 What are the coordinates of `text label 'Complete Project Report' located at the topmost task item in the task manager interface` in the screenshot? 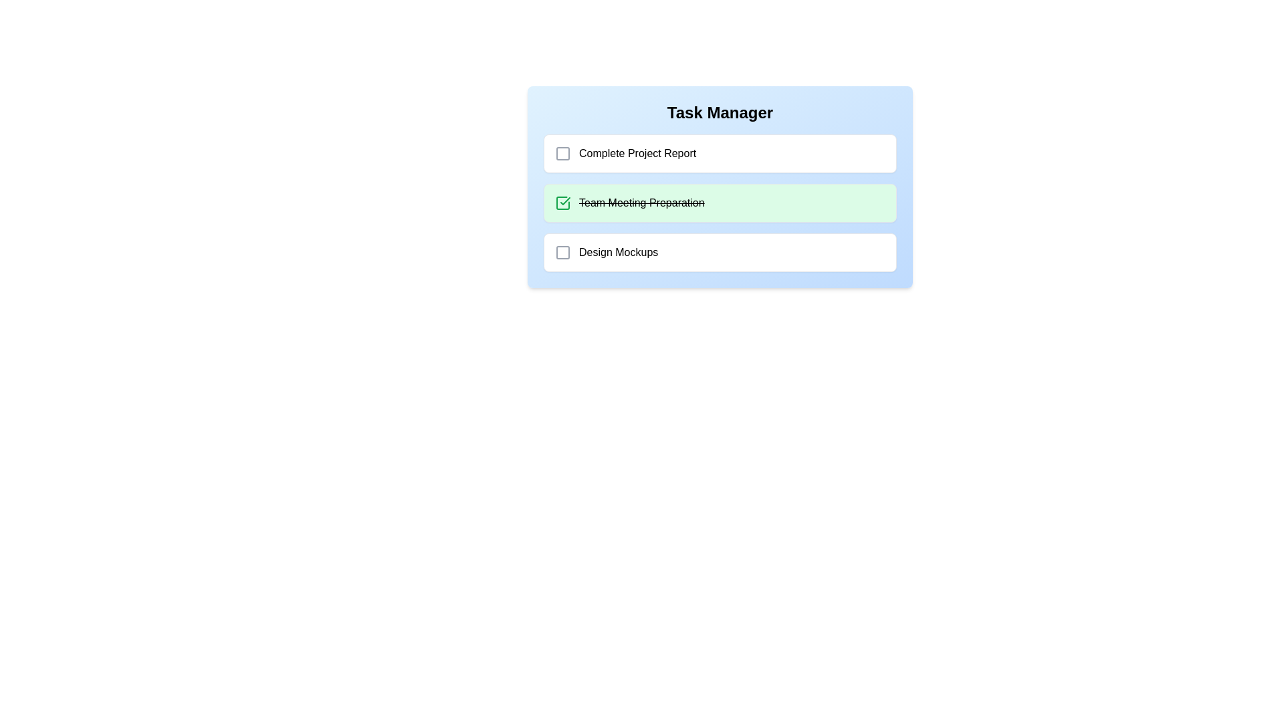 It's located at (625, 153).